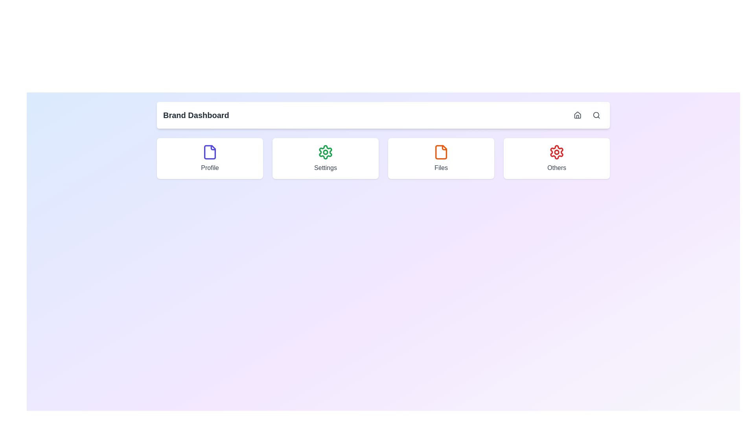 The width and height of the screenshot is (755, 425). What do you see at coordinates (441, 158) in the screenshot?
I see `the 'Files' navigation card, which is the third card in a horizontal grid, positioned between the 'Settings' and 'Others' cards` at bounding box center [441, 158].